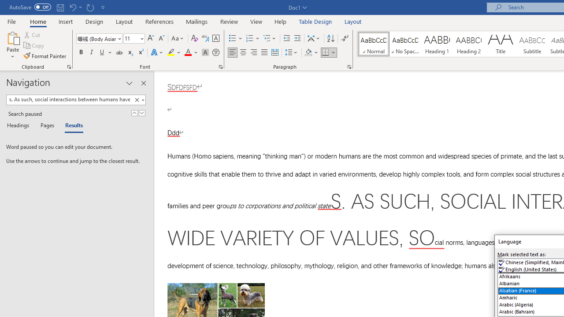  What do you see at coordinates (215, 38) in the screenshot?
I see `'Character Border'` at bounding box center [215, 38].